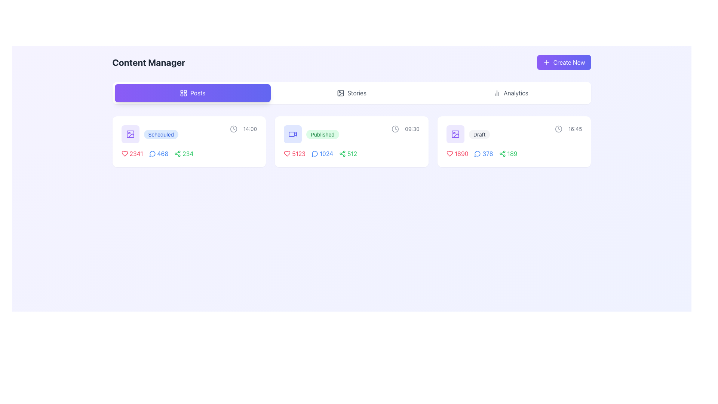 The width and height of the screenshot is (718, 404). What do you see at coordinates (457, 153) in the screenshot?
I see `the numeric counter displaying '1890' in red, which is adjacent to a heart icon, located in the lower row of the 'Draft' card as the first element in a sequence of three` at bounding box center [457, 153].